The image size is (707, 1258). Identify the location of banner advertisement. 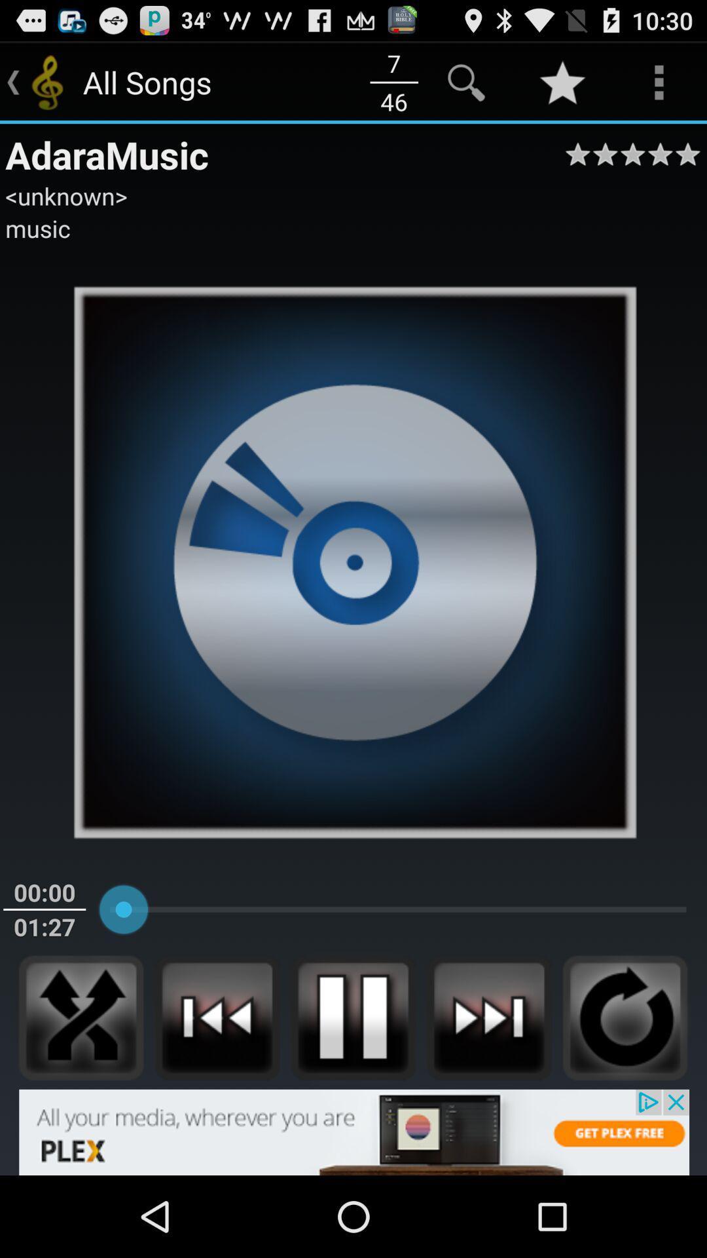
(353, 1132).